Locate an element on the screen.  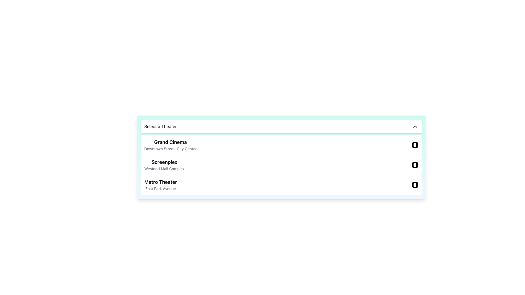
the static text element reading 'Screenplex', which is bold and larger than adjacent text, located in the middle entry of the theater list is located at coordinates (164, 162).